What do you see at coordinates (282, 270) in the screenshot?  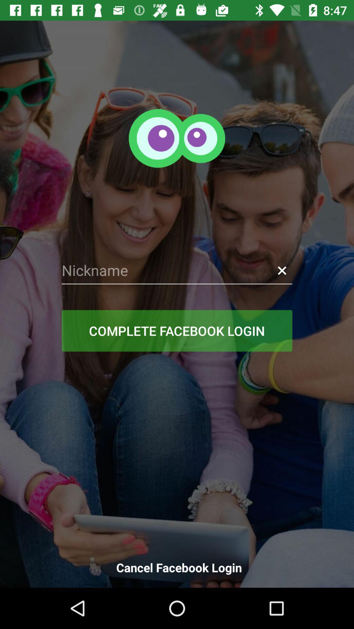 I see `item on the right` at bounding box center [282, 270].